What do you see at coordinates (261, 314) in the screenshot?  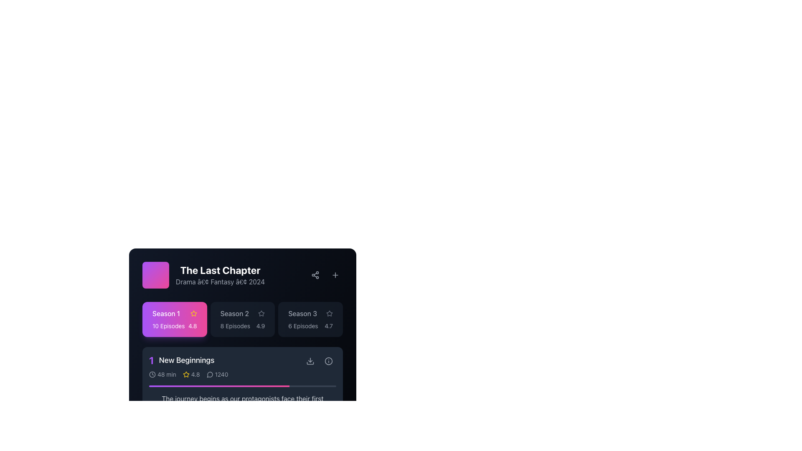 I see `the hollow gray star icon located in the 'Season 2' section, which is the second section from the left` at bounding box center [261, 314].